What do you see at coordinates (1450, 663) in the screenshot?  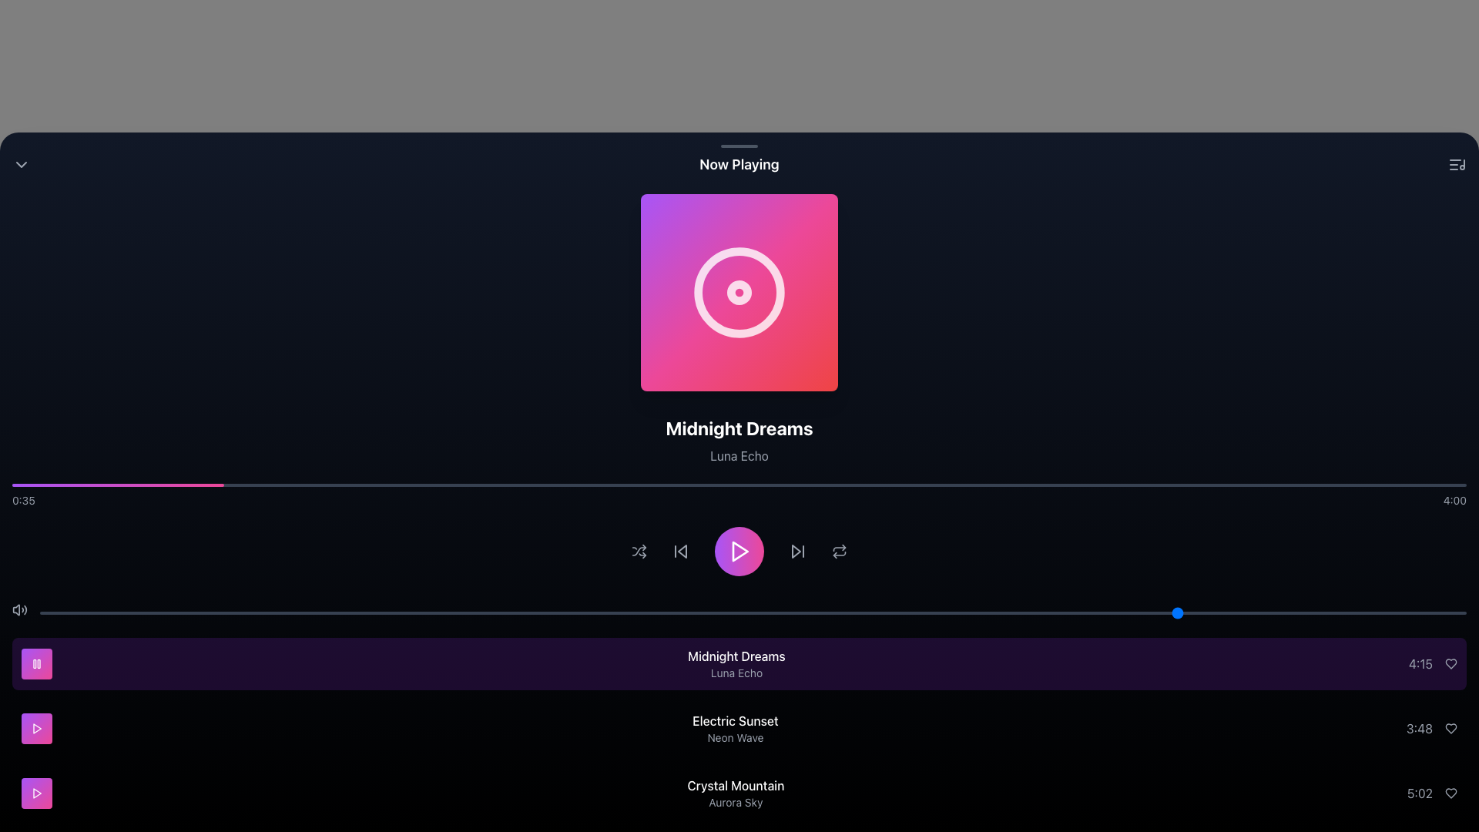 I see `the heart-shaped icon with a stylized outline design, located on the right side of the interface near the duration indicator of a song, in the second row of the list of songs` at bounding box center [1450, 663].